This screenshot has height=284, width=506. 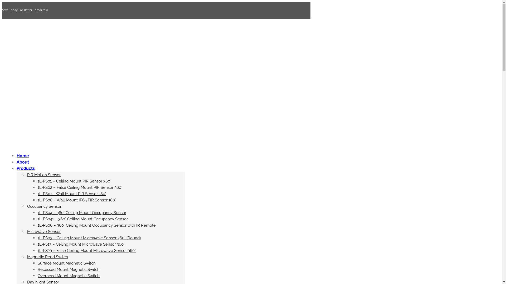 What do you see at coordinates (66, 263) in the screenshot?
I see `'Surface Mount Magnetic Switch'` at bounding box center [66, 263].